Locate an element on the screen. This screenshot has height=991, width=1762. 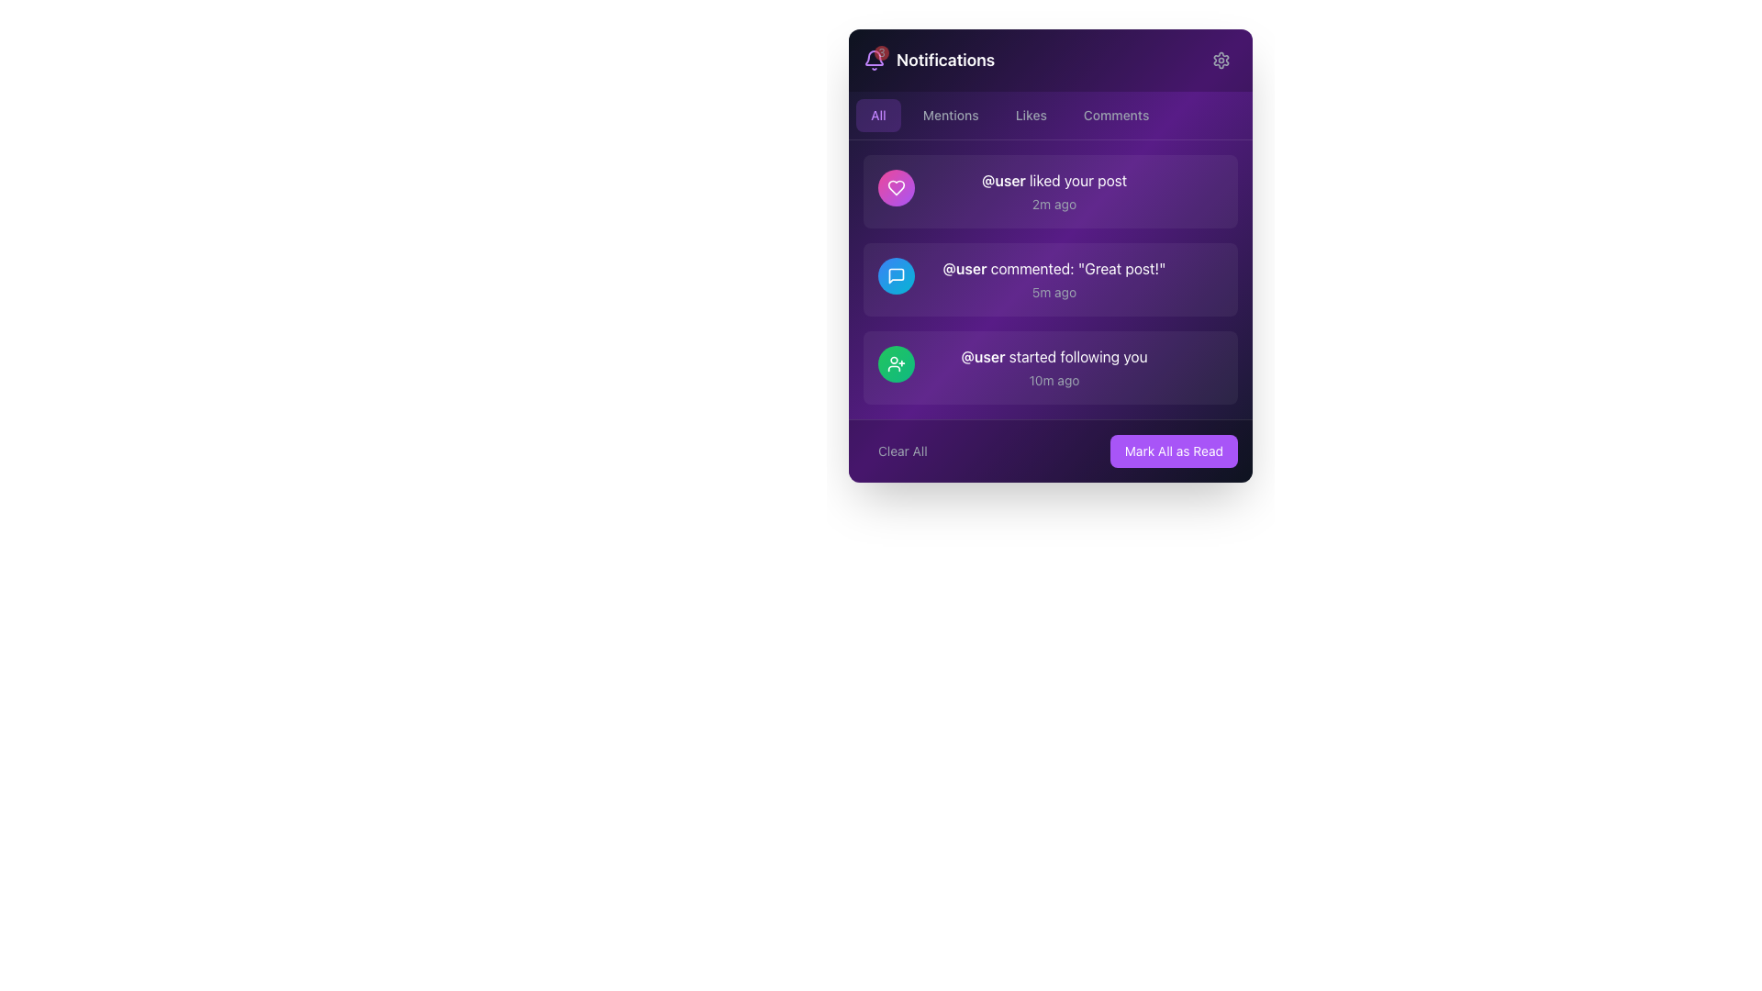
timestamp label that indicates the time elapsed since the notification was generated, located under the text stating '@user started following you.' in the third notification item from the top is located at coordinates (1054, 380).